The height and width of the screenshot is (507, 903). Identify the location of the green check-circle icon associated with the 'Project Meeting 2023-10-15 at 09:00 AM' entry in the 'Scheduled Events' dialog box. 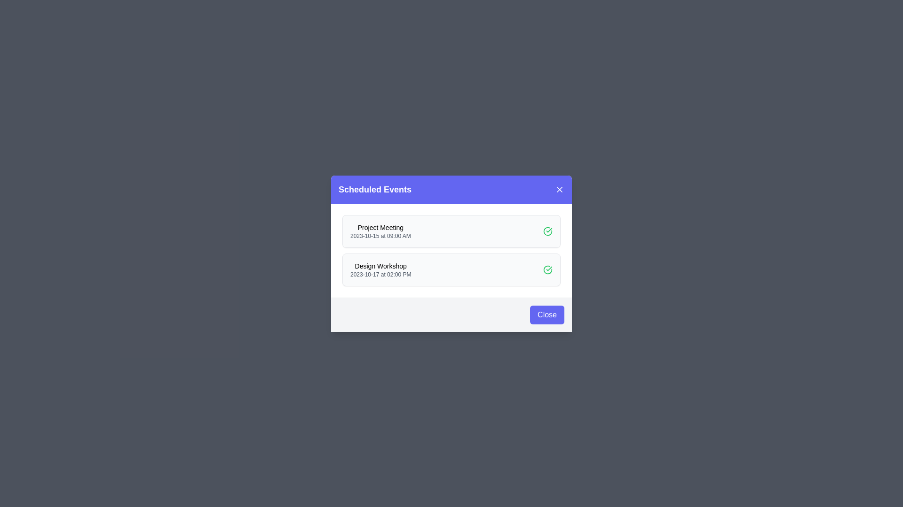
(548, 231).